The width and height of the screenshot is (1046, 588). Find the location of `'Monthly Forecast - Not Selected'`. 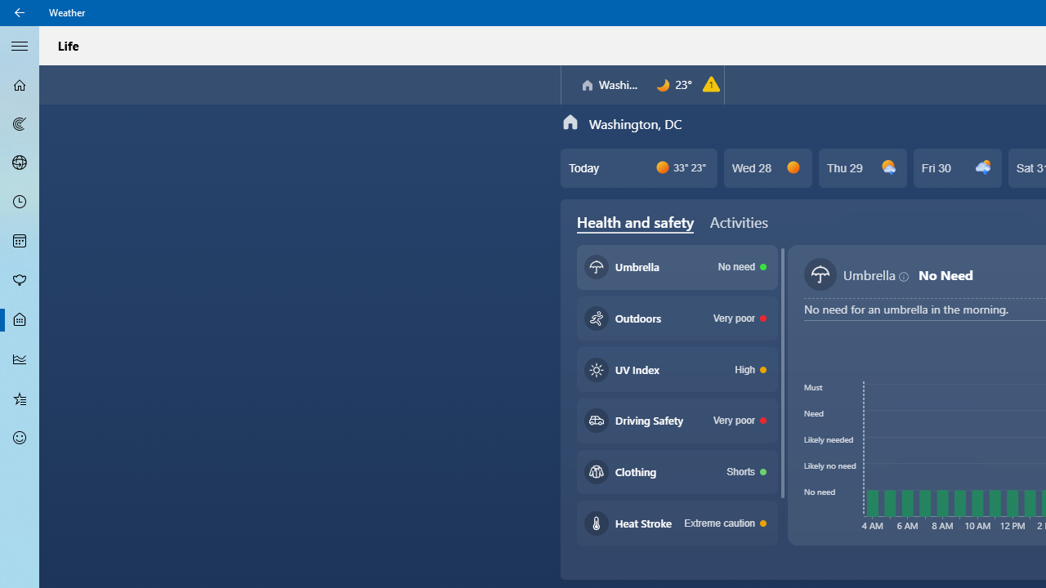

'Monthly Forecast - Not Selected' is located at coordinates (20, 241).